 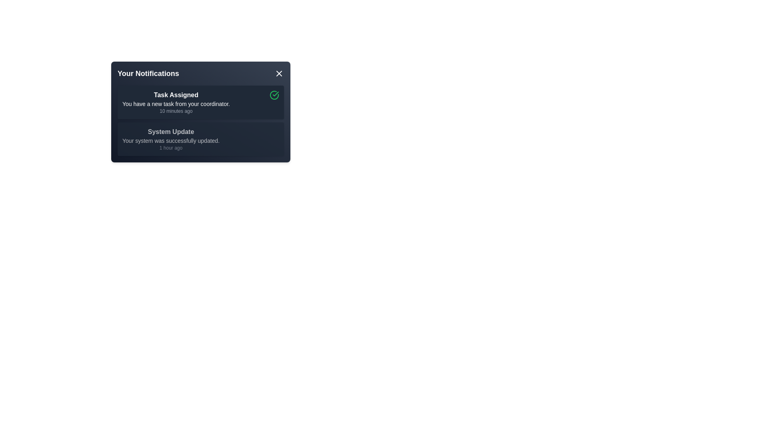 What do you see at coordinates (201, 138) in the screenshot?
I see `the notification box displaying the title 'System Update' with a dark background and white text, which contains the message 'Your system was successfully updated.'` at bounding box center [201, 138].